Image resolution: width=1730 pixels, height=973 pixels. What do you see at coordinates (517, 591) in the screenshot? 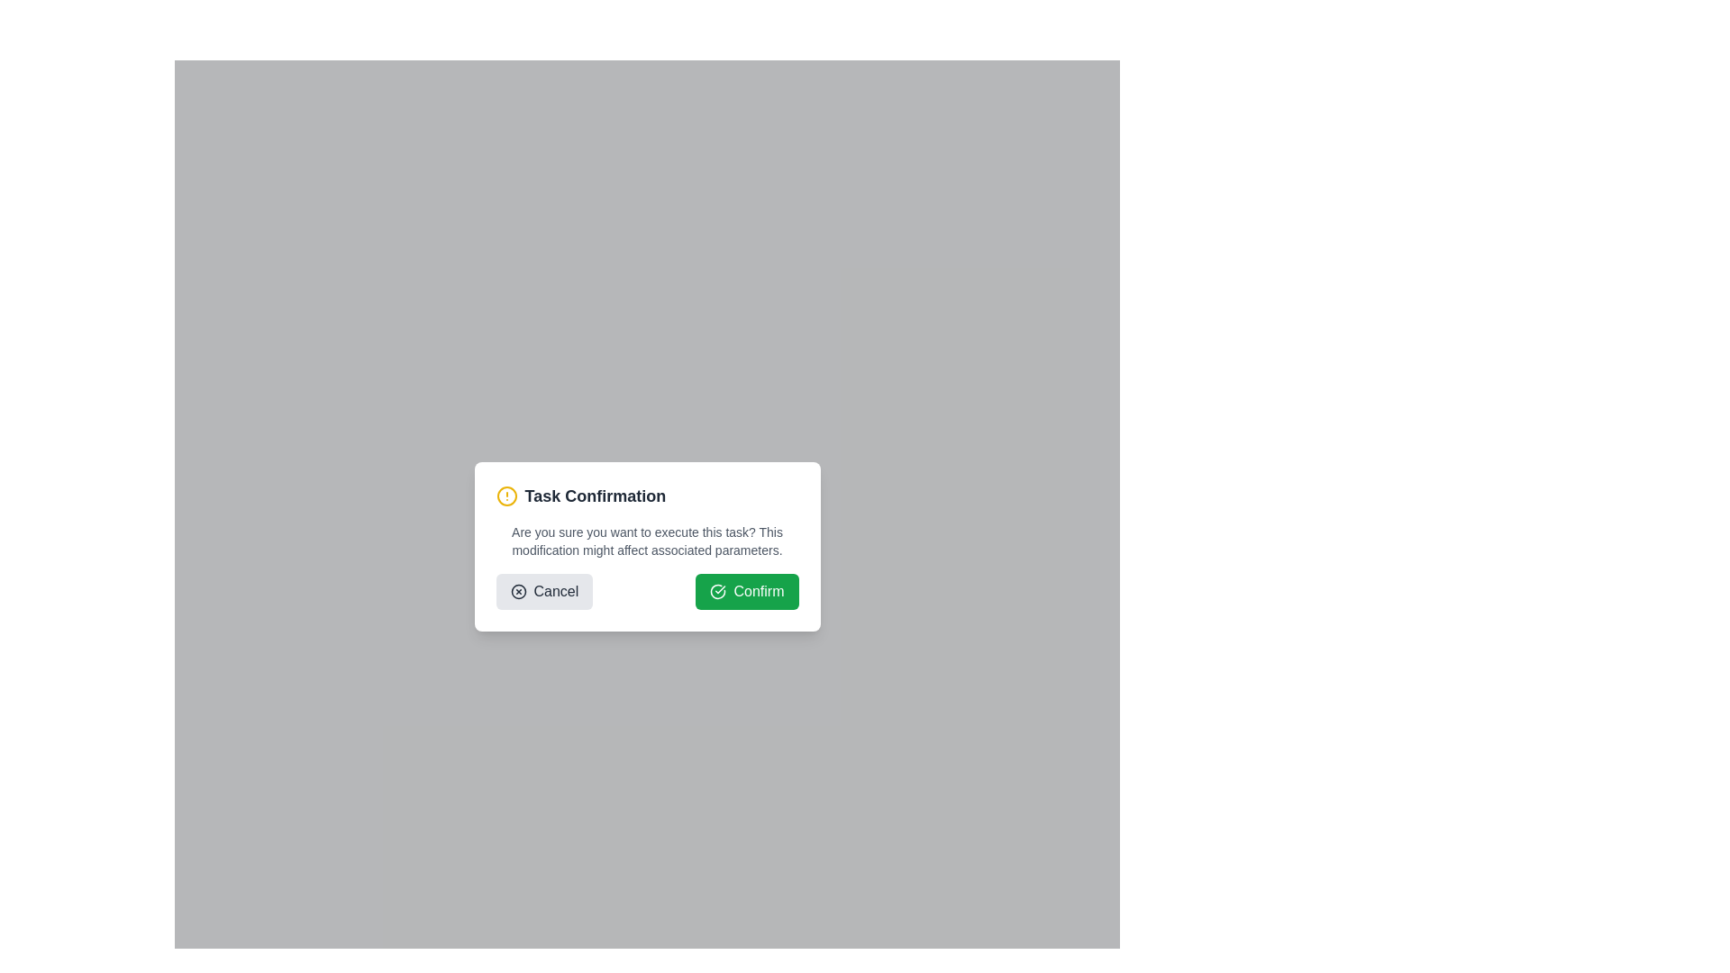
I see `the Circular icon with embedded shape that represents the 'Cancel' button in the confirmation dialog box` at bounding box center [517, 591].